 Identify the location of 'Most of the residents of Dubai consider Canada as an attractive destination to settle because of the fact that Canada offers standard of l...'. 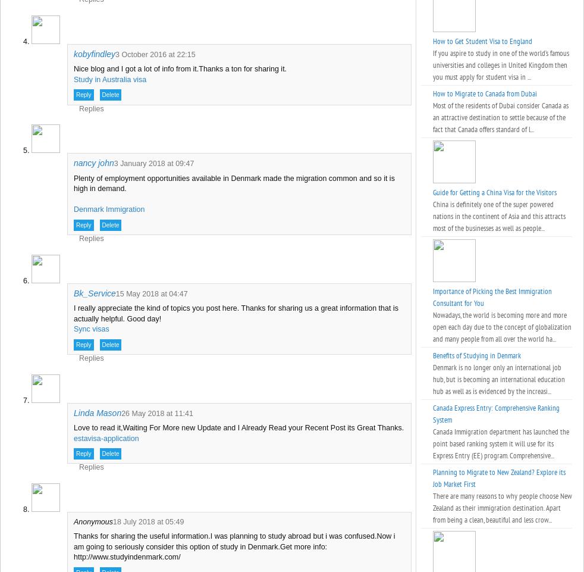
(500, 117).